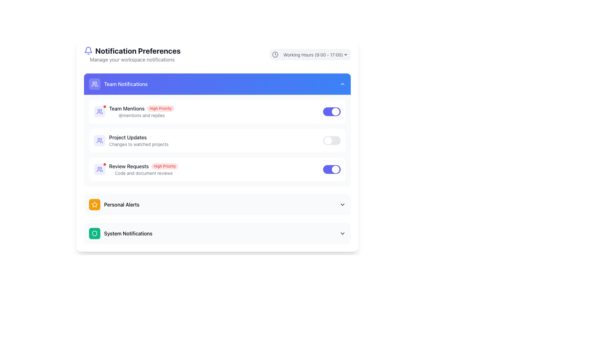 This screenshot has width=604, height=339. I want to click on the star-shaped icon with a white outline and vibrant orange fill, located under the 'Personal Alerts' section in the interface, so click(94, 204).